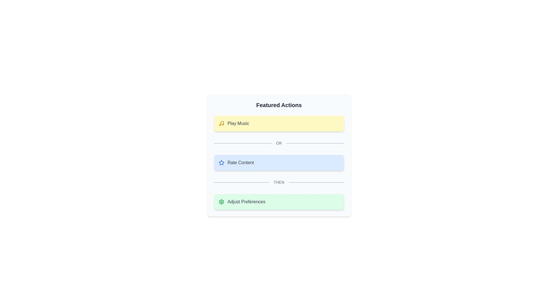 The image size is (537, 302). What do you see at coordinates (279, 182) in the screenshot?
I see `the third inline text separator element located between the 'Rate Content' section and the 'Adjust Preferences' section` at bounding box center [279, 182].